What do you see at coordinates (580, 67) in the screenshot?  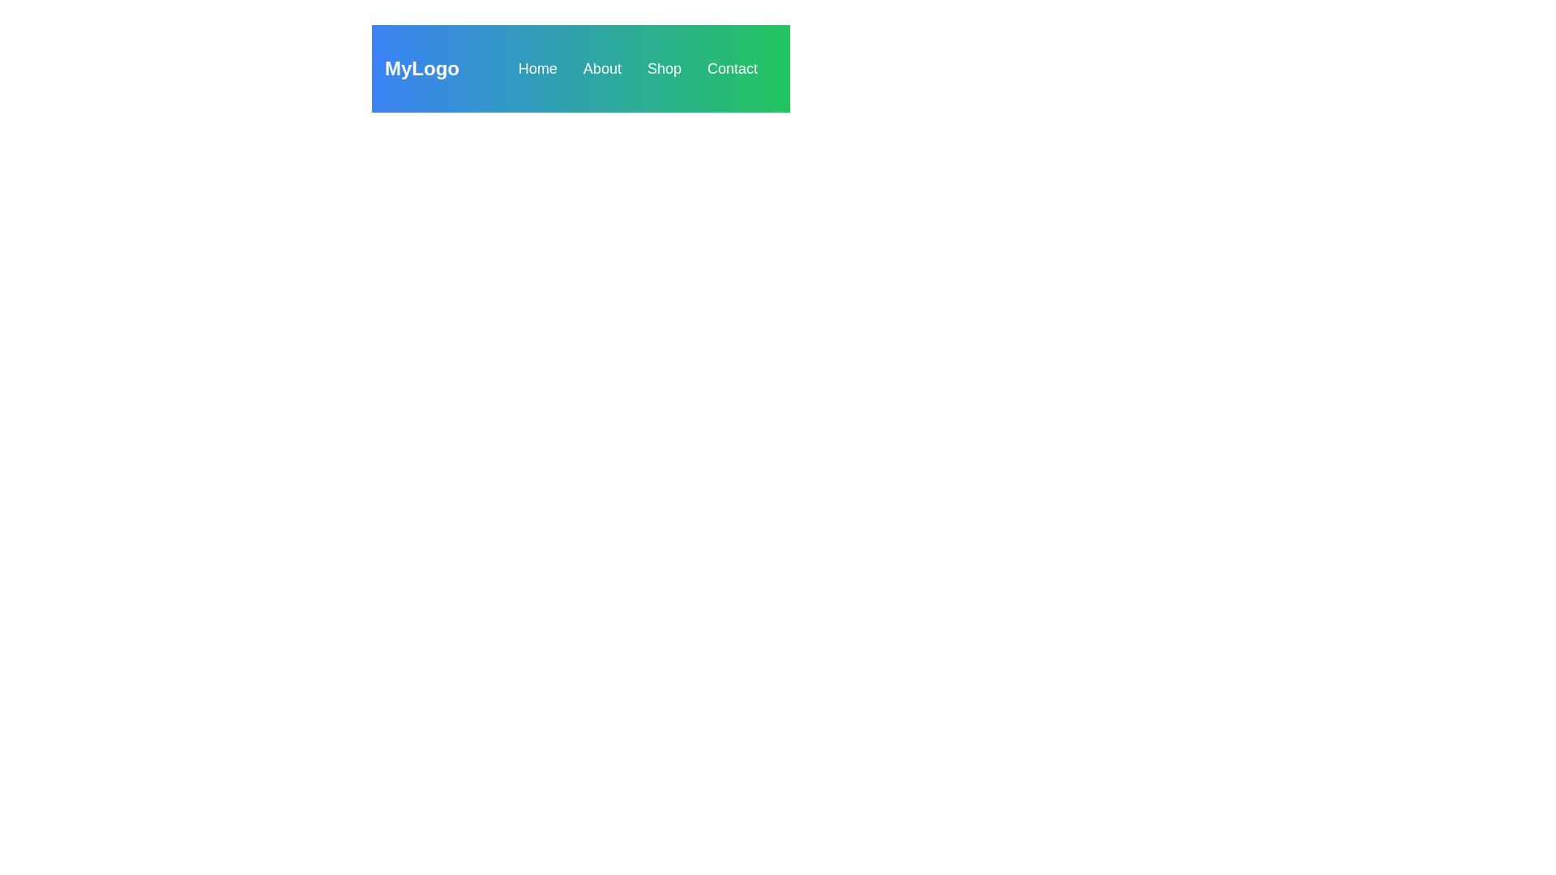 I see `the Horizontal Navigation Bar containing 'MyLogo' on the left and menu items 'Home', 'About', 'Shop', and 'Contact' to the right, which is positioned at the top of the interface with a gradient background` at bounding box center [580, 67].